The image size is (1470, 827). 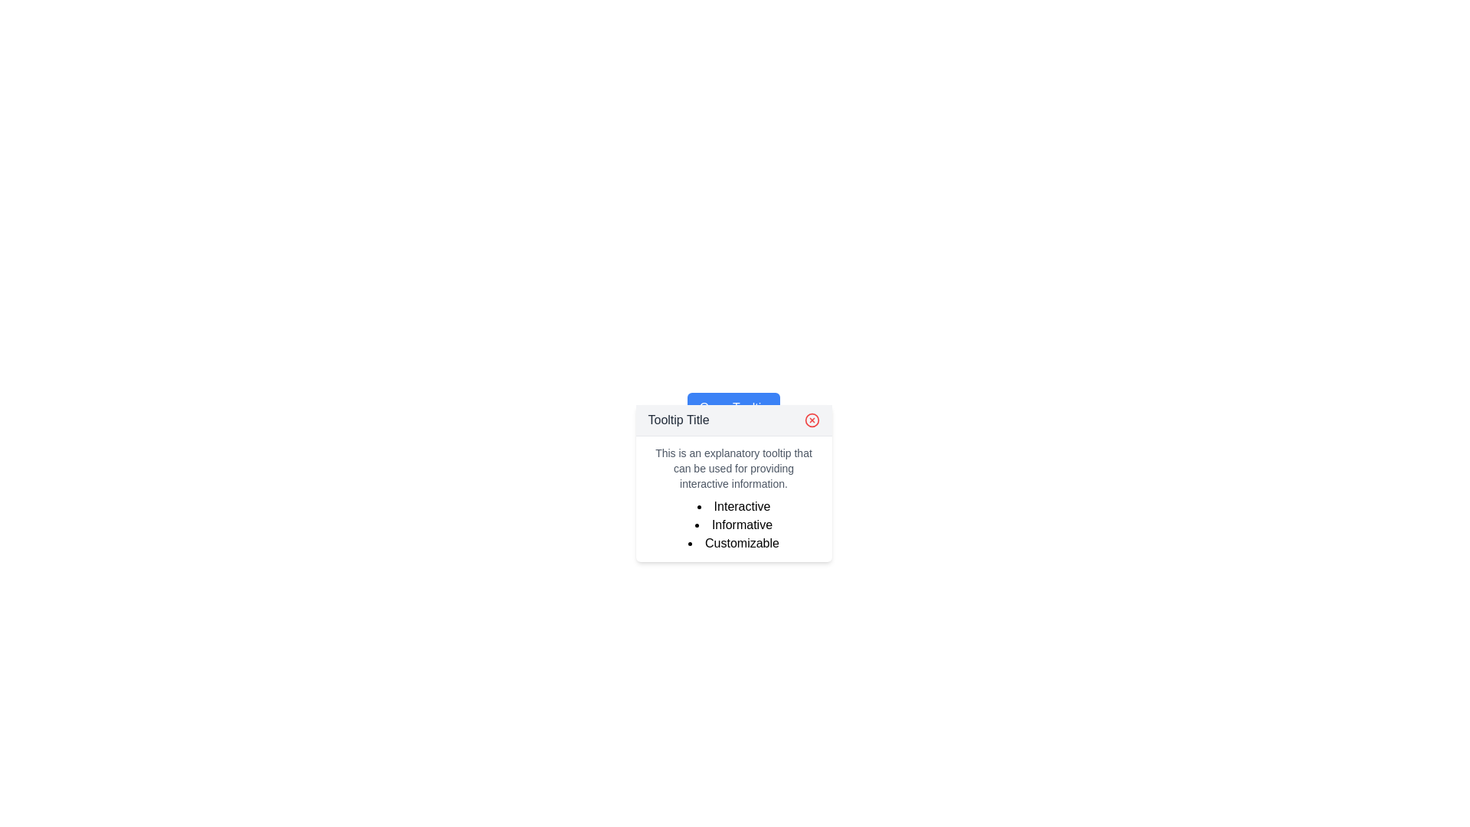 What do you see at coordinates (733, 468) in the screenshot?
I see `the static text content that is styled with a small font and light gray coloring, positioned below the title section and above the list of bullet points` at bounding box center [733, 468].